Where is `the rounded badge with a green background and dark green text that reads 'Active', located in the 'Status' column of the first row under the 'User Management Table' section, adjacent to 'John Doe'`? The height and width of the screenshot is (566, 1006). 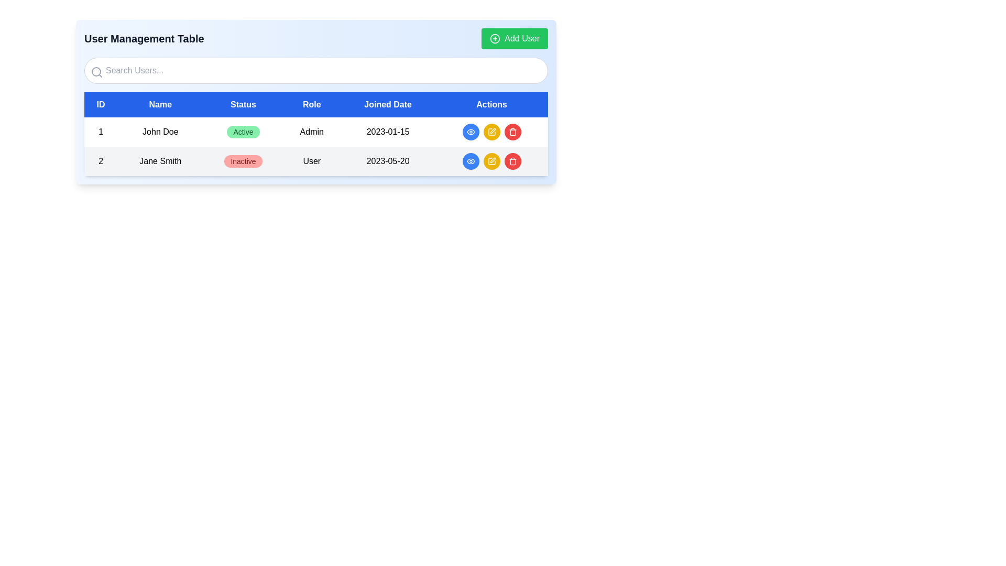
the rounded badge with a green background and dark green text that reads 'Active', located in the 'Status' column of the first row under the 'User Management Table' section, adjacent to 'John Doe' is located at coordinates (243, 131).